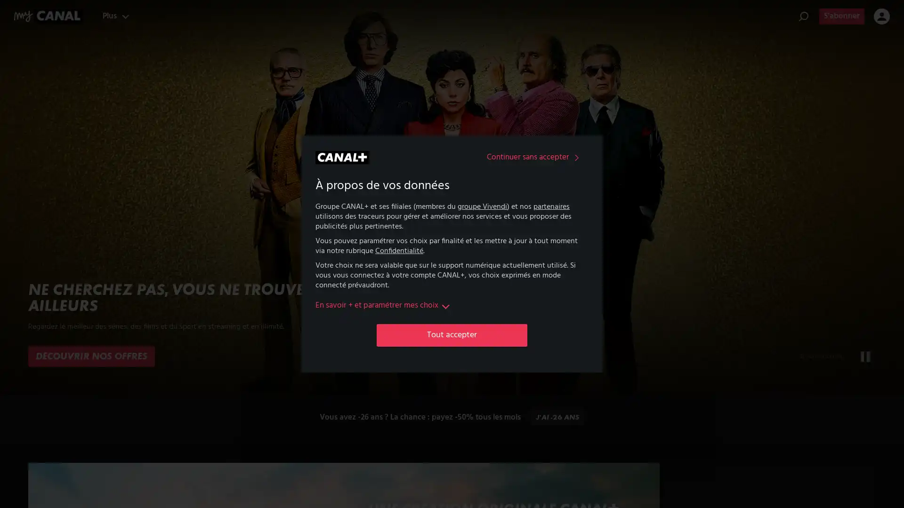 This screenshot has height=508, width=904. Describe the element at coordinates (384, 306) in the screenshot. I see `En savoir plus et parametrer vos consentements` at that location.